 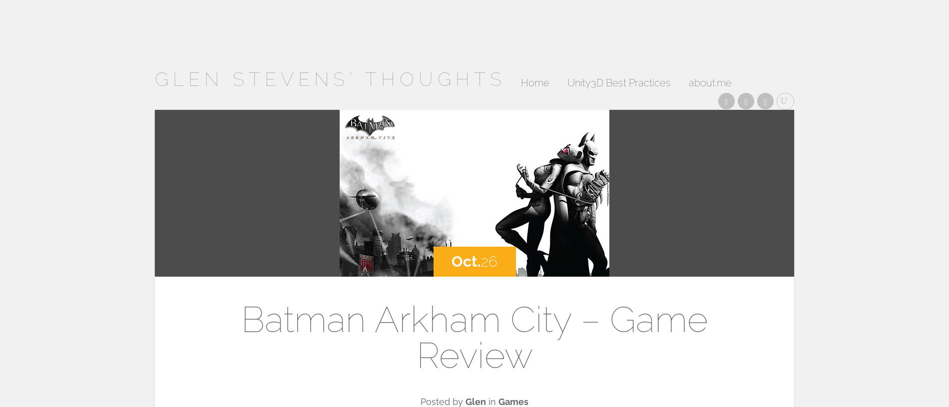 I want to click on 'Oct.', so click(x=451, y=261).